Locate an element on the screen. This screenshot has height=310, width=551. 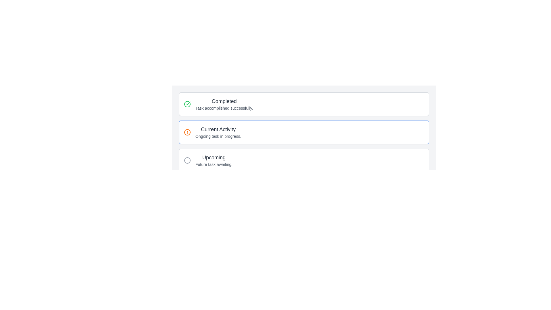
the Text label indicating the section detailing tasks currently in progress, which is located above the text 'Ongoing task in progress.' is located at coordinates (218, 129).